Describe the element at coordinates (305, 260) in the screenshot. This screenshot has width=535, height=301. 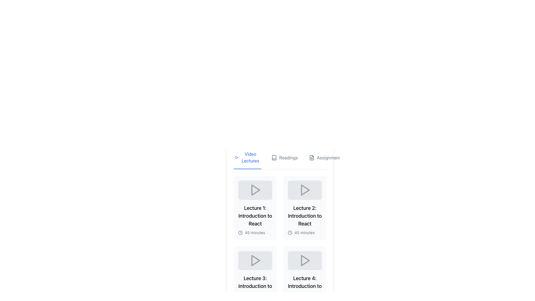
I see `the play icon in the Video Thumbnail with Play Indicator located in the 'Lecture 4: Introduction to React' block to interact with the video` at that location.